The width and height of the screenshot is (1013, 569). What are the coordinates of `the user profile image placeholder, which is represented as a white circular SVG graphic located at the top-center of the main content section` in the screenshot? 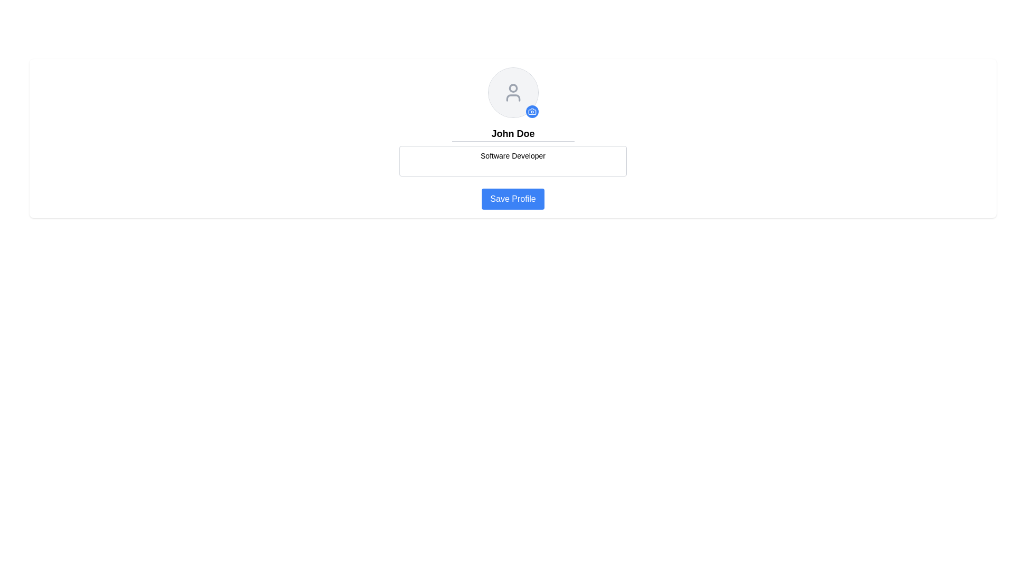 It's located at (513, 92).